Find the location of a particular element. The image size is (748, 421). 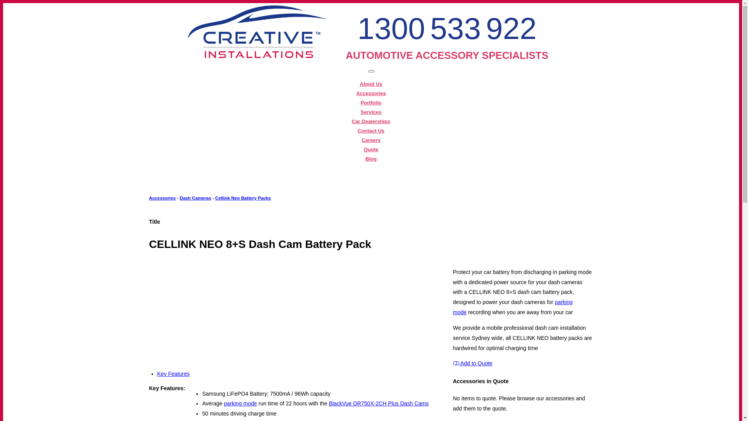

'Key Features' is located at coordinates (173, 373).